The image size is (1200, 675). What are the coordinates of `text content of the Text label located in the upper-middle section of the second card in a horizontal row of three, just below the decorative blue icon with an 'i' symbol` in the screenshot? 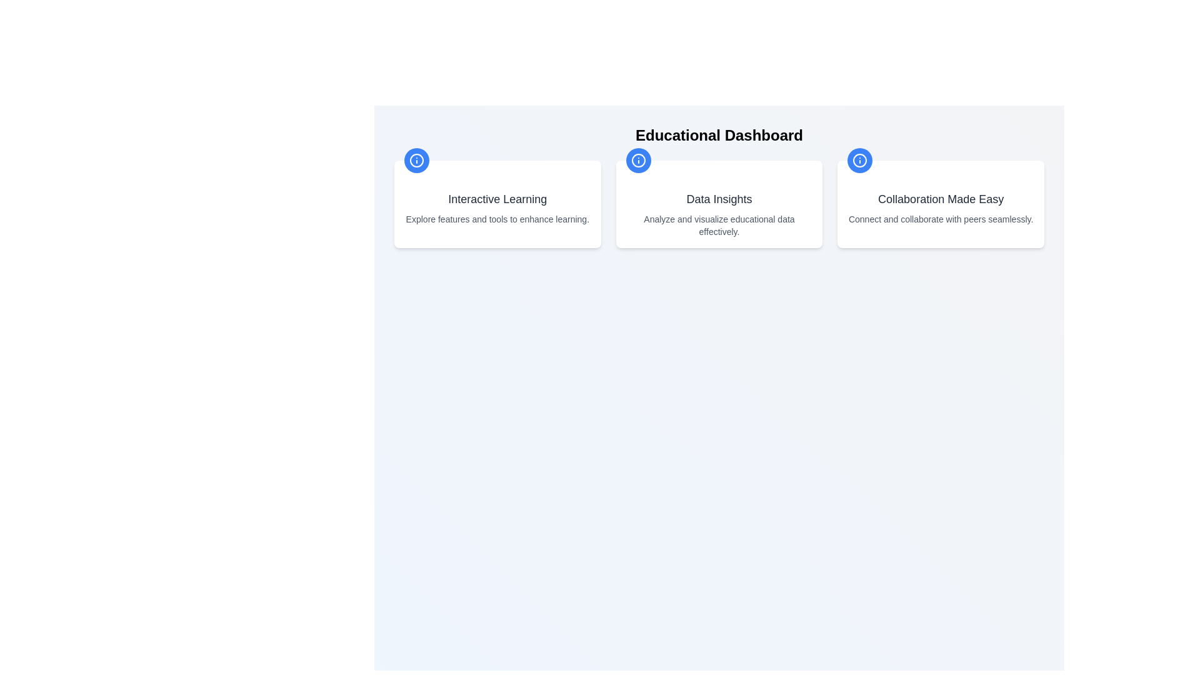 It's located at (719, 199).